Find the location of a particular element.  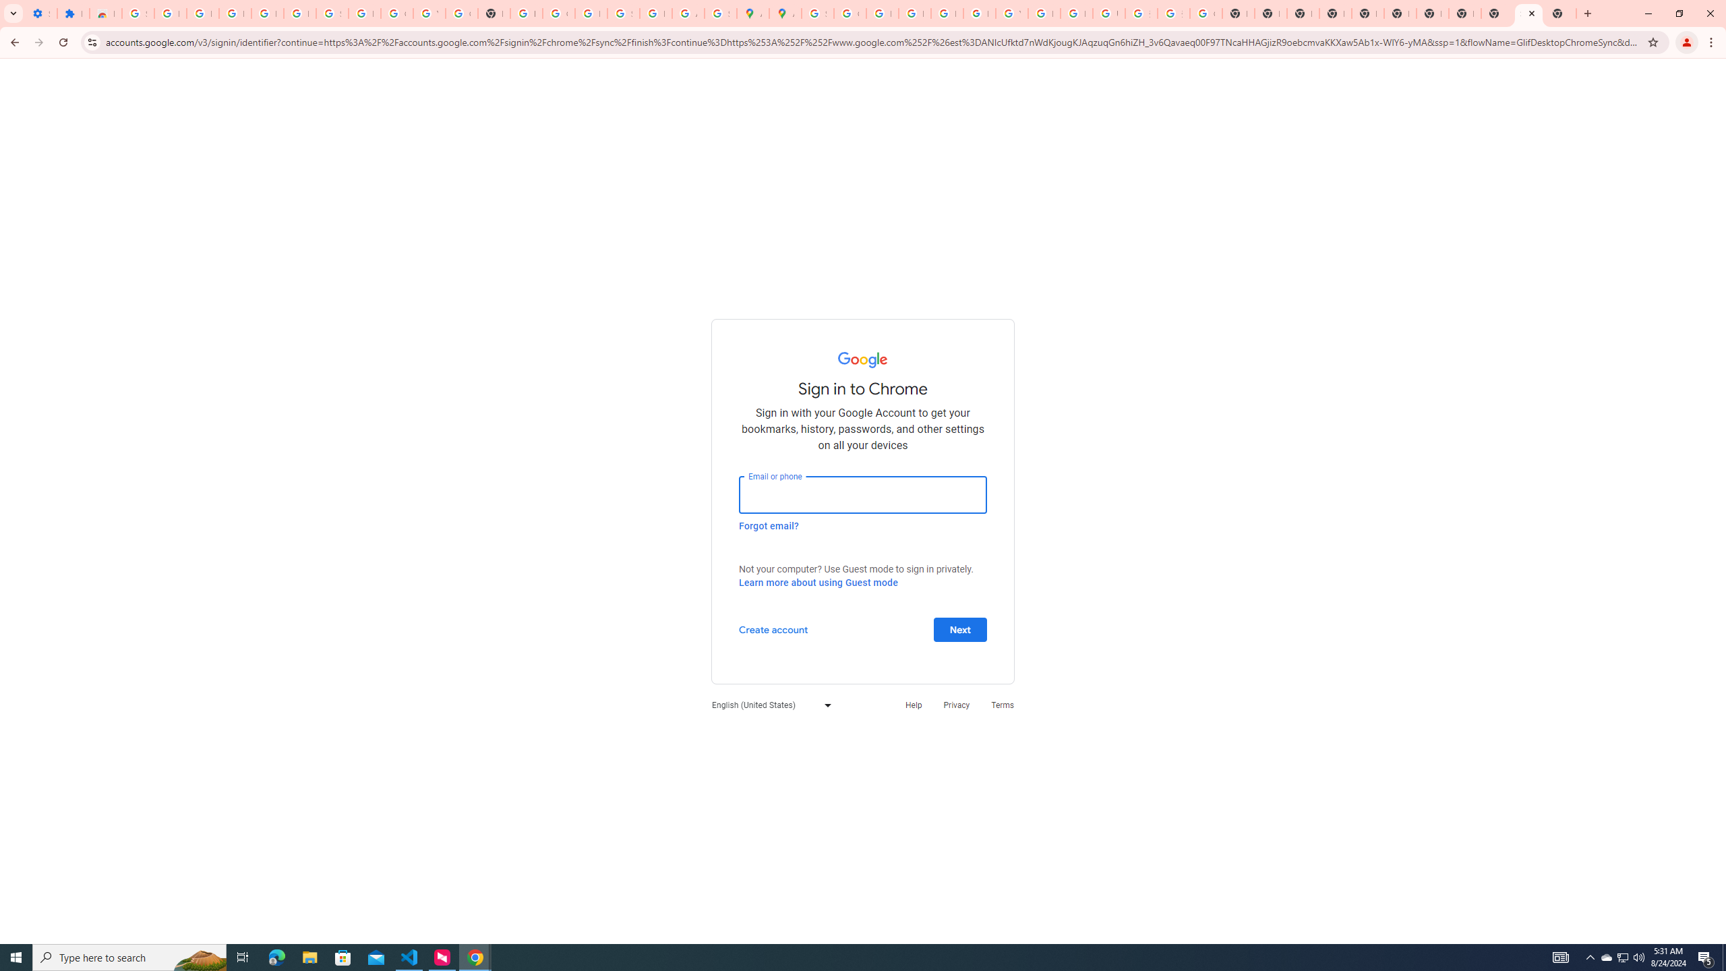

'Reviews: Helix Fruit Jump Arcade Game' is located at coordinates (105, 13).